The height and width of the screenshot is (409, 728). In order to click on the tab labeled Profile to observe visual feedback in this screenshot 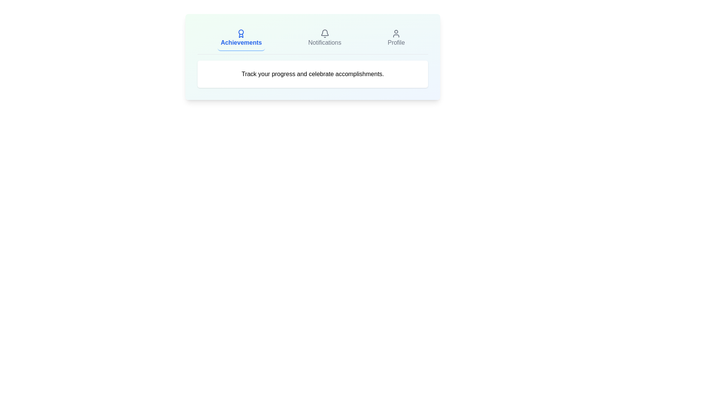, I will do `click(396, 38)`.